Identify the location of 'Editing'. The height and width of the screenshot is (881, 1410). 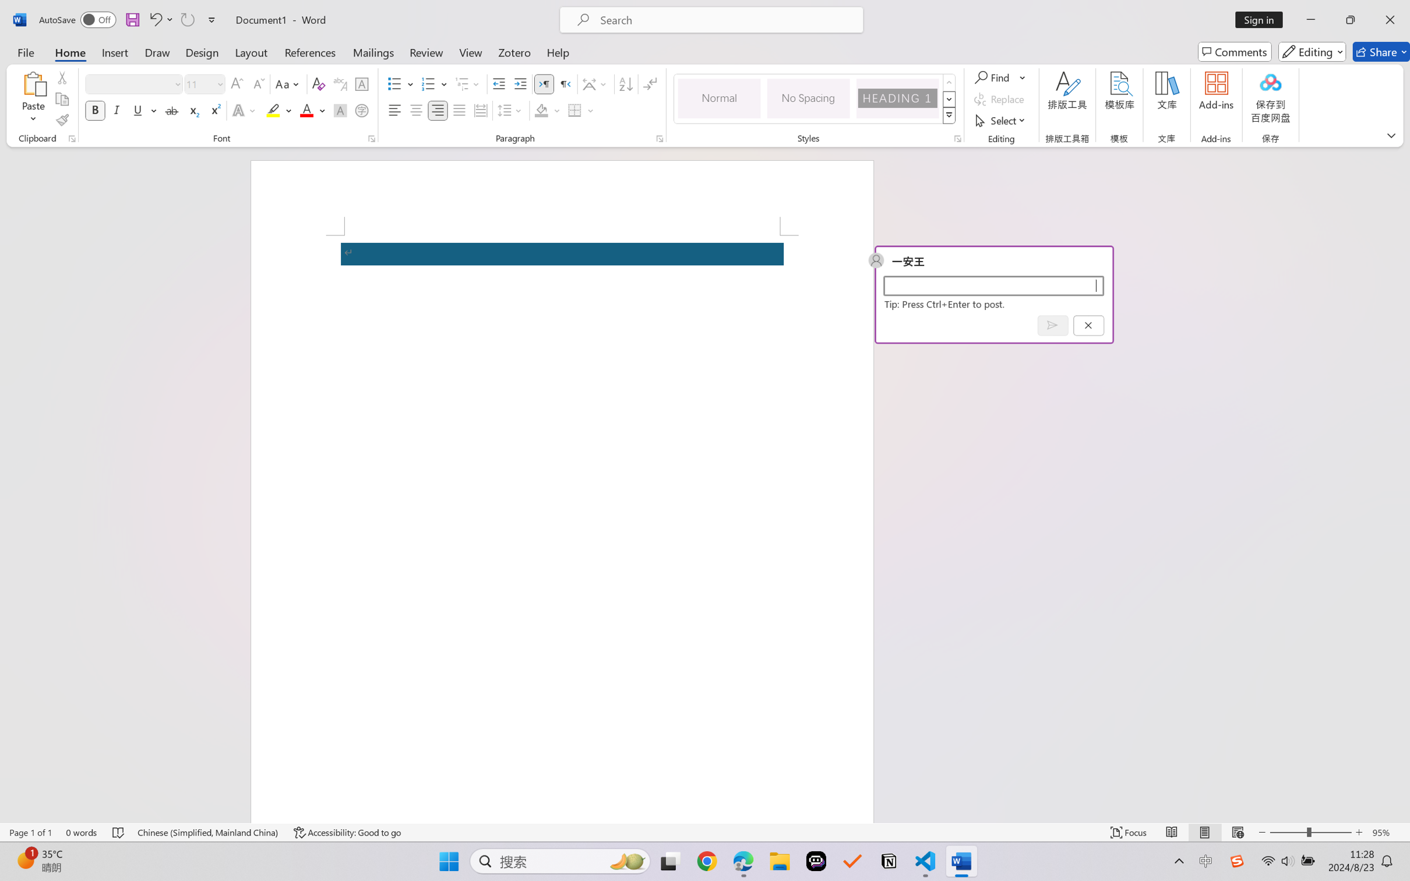
(1313, 51).